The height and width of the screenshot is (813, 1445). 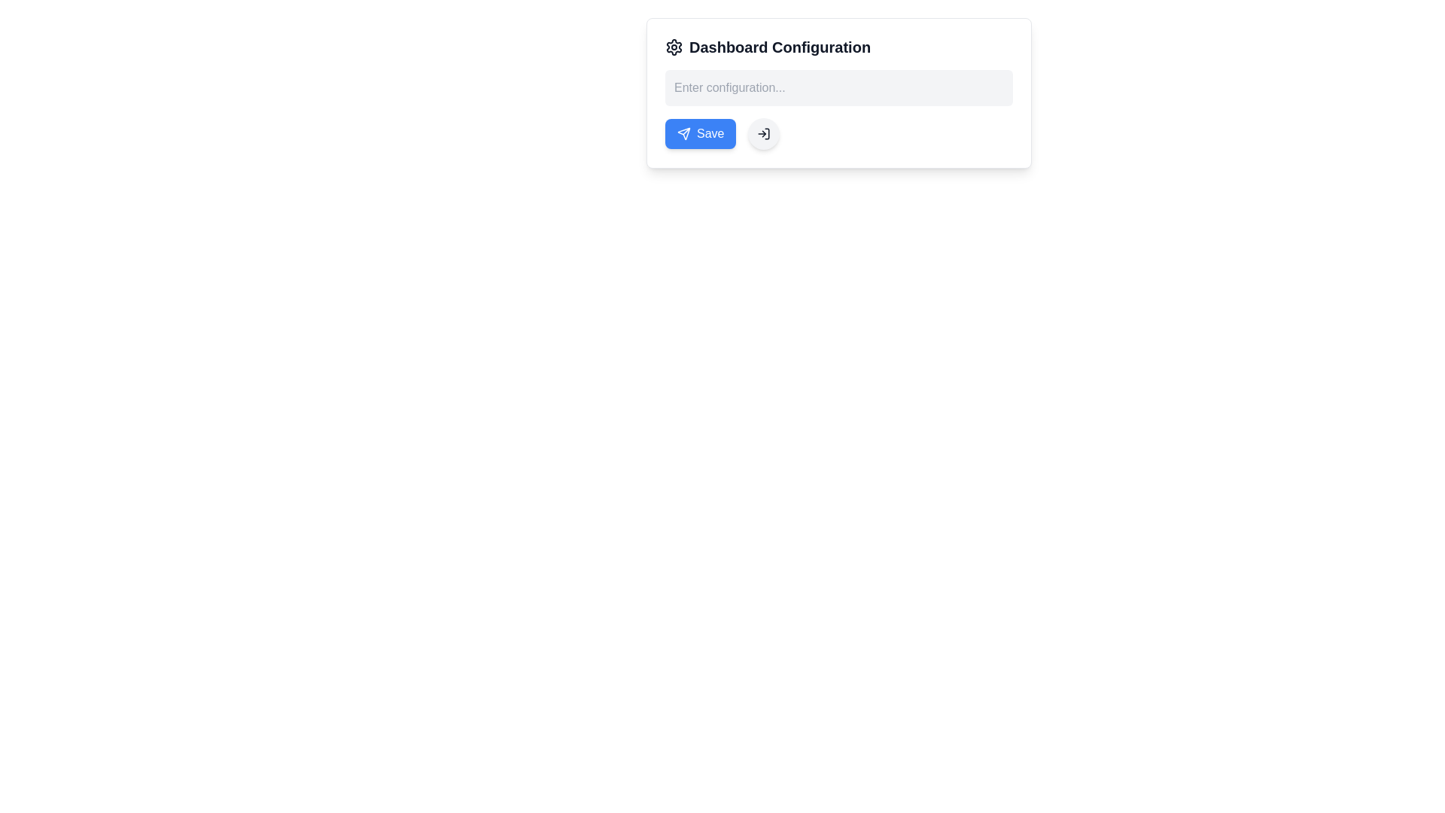 What do you see at coordinates (838, 46) in the screenshot?
I see `the text label reading 'Dashboard Configuration' which is bold and has a gear icon to its left, located at the top center of the interface` at bounding box center [838, 46].